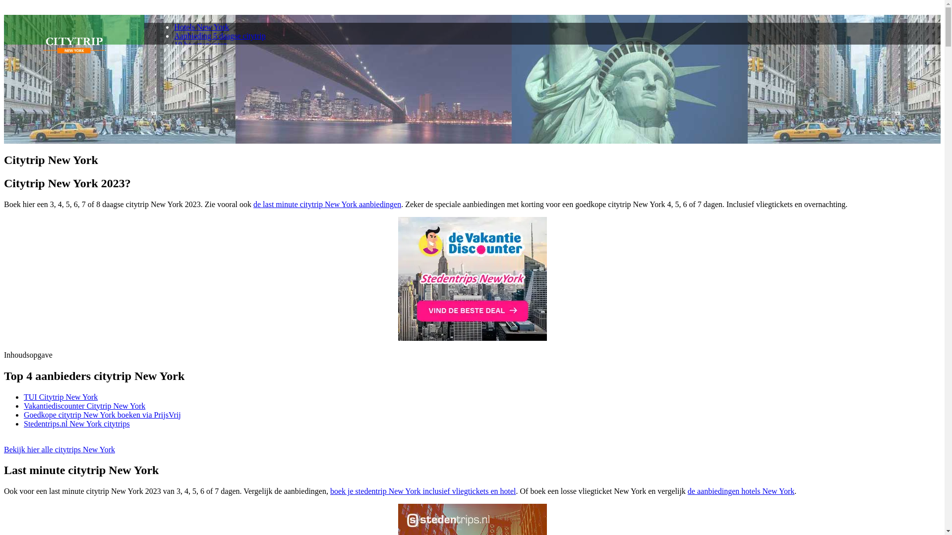 This screenshot has width=952, height=535. I want to click on 'boek je stedentrip New York inclusief vliegtickets en hotel', so click(423, 491).